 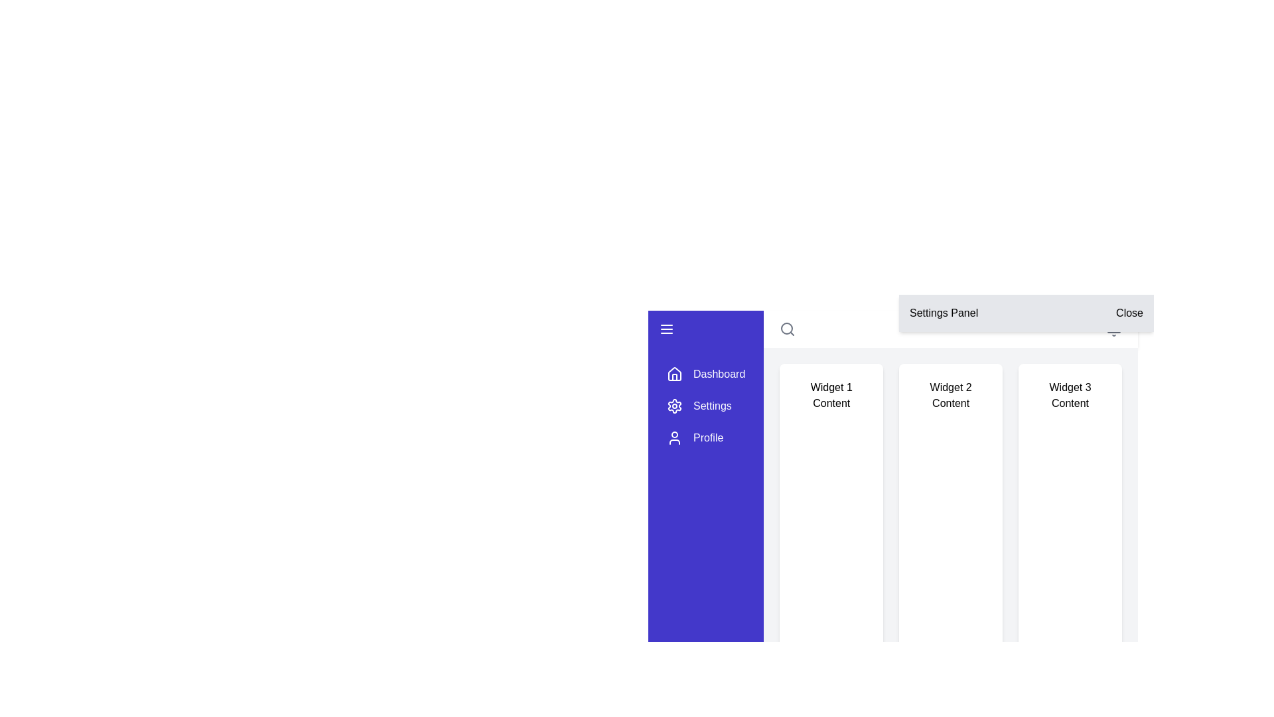 What do you see at coordinates (719, 374) in the screenshot?
I see `the 'Dashboard' text label in the left navigation bar` at bounding box center [719, 374].